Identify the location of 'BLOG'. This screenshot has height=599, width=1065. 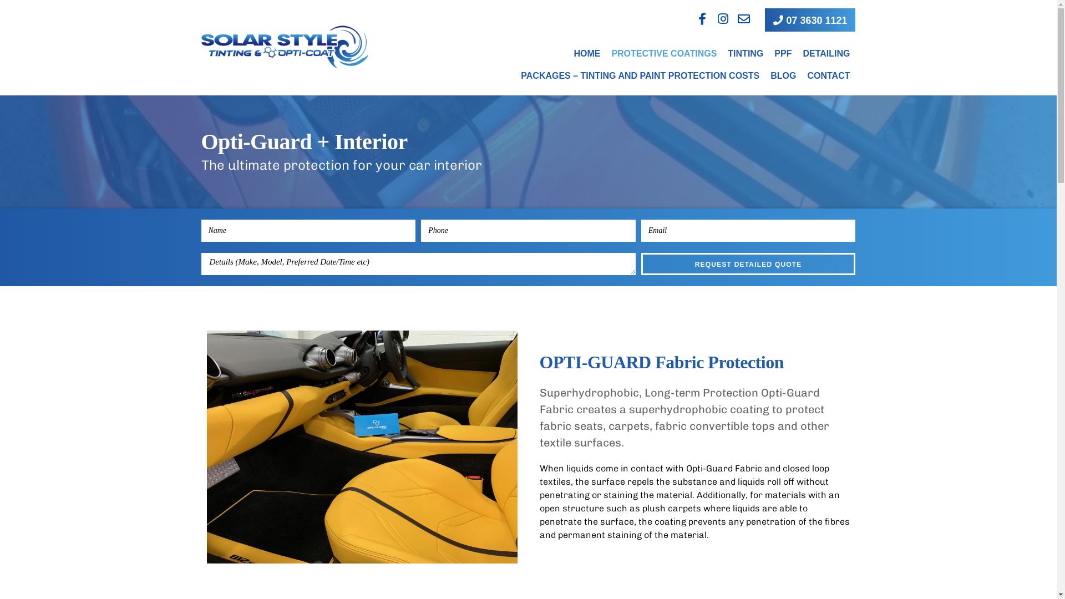
(782, 75).